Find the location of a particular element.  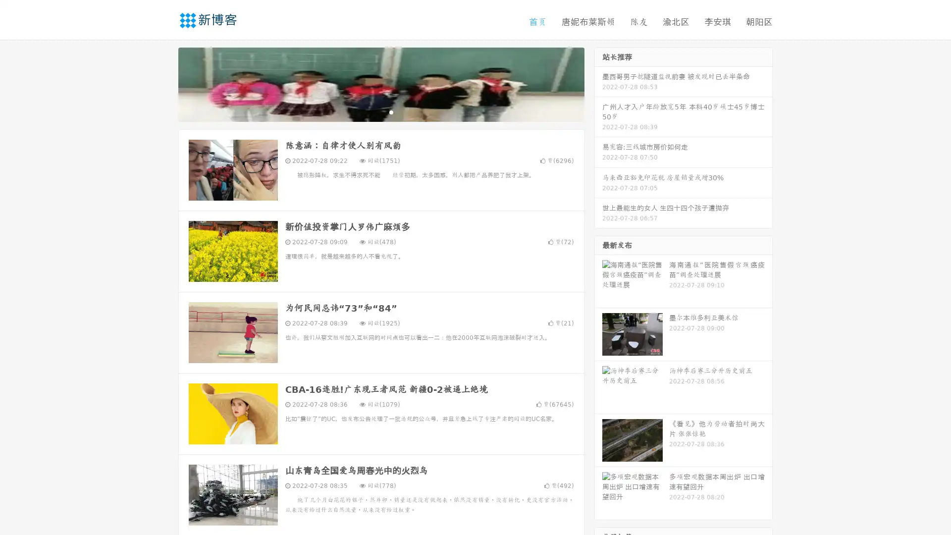

Previous slide is located at coordinates (163, 83).